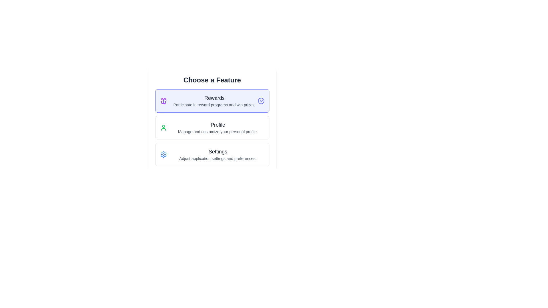 The width and height of the screenshot is (548, 308). Describe the element at coordinates (261, 100) in the screenshot. I see `the Decorative SVG Icon that serves as a symbolic indicator for the 'Rewards' feature, located towards the right side of the entry and aligned with the associated text` at that location.